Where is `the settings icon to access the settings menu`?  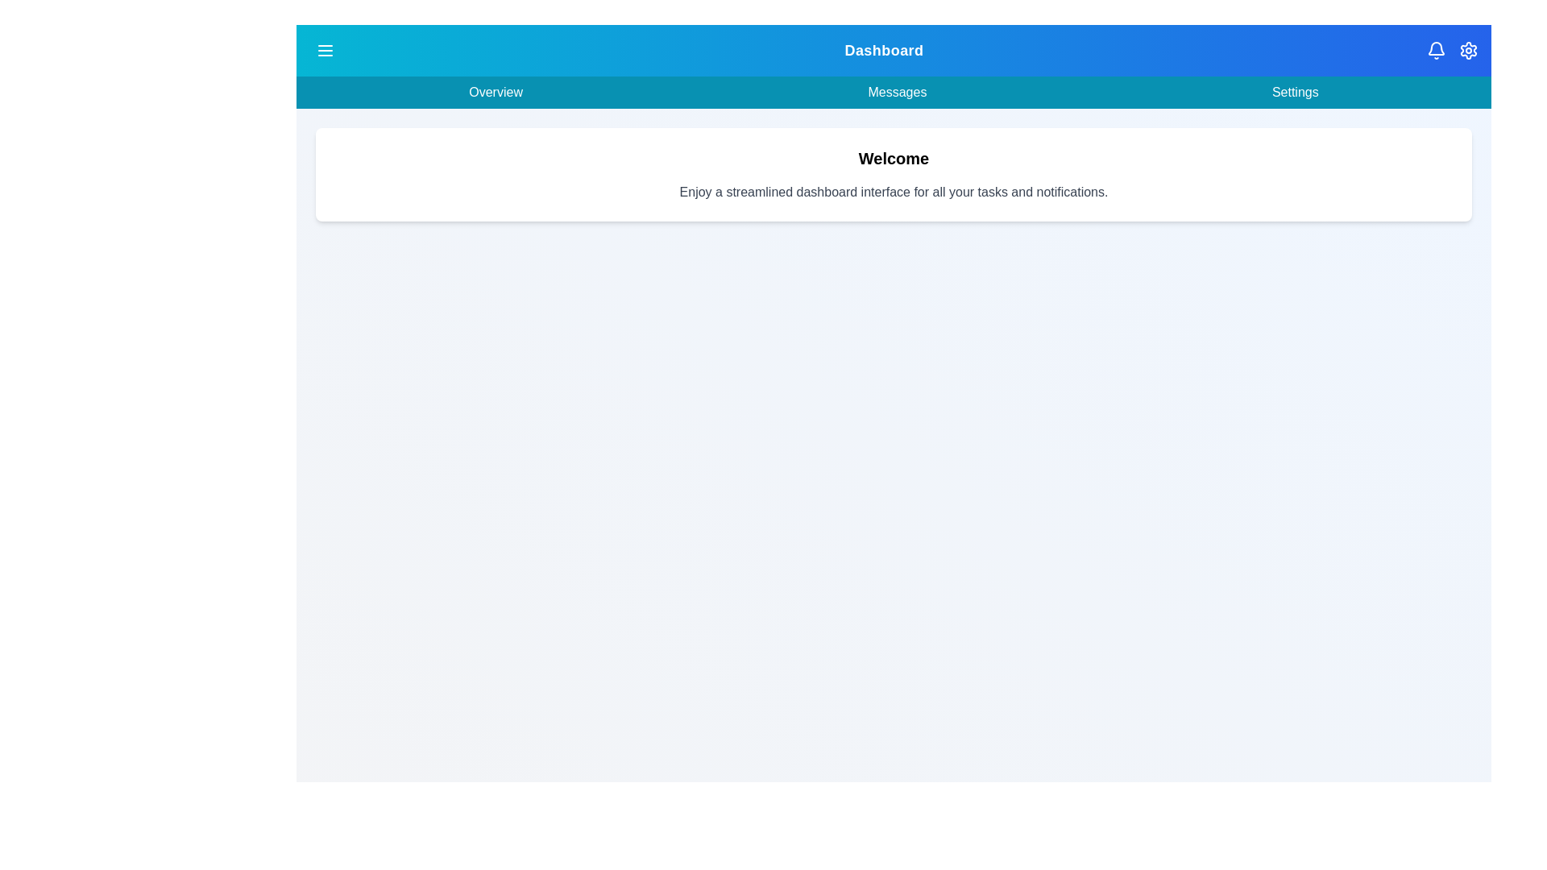
the settings icon to access the settings menu is located at coordinates (1469, 49).